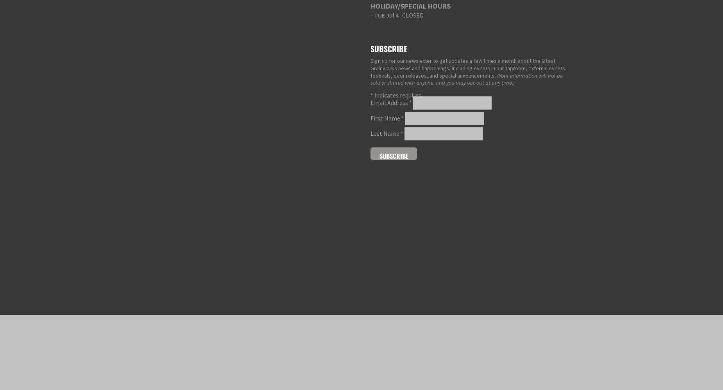 Image resolution: width=723 pixels, height=390 pixels. I want to click on 'Last Name', so click(385, 133).